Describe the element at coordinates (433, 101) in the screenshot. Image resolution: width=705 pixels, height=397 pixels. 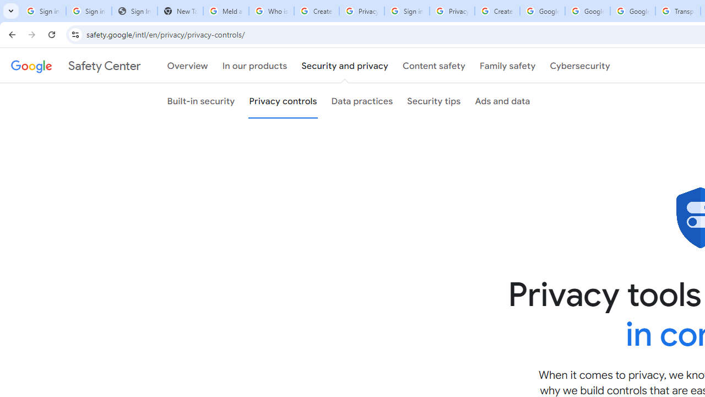
I see `'Security tips'` at that location.